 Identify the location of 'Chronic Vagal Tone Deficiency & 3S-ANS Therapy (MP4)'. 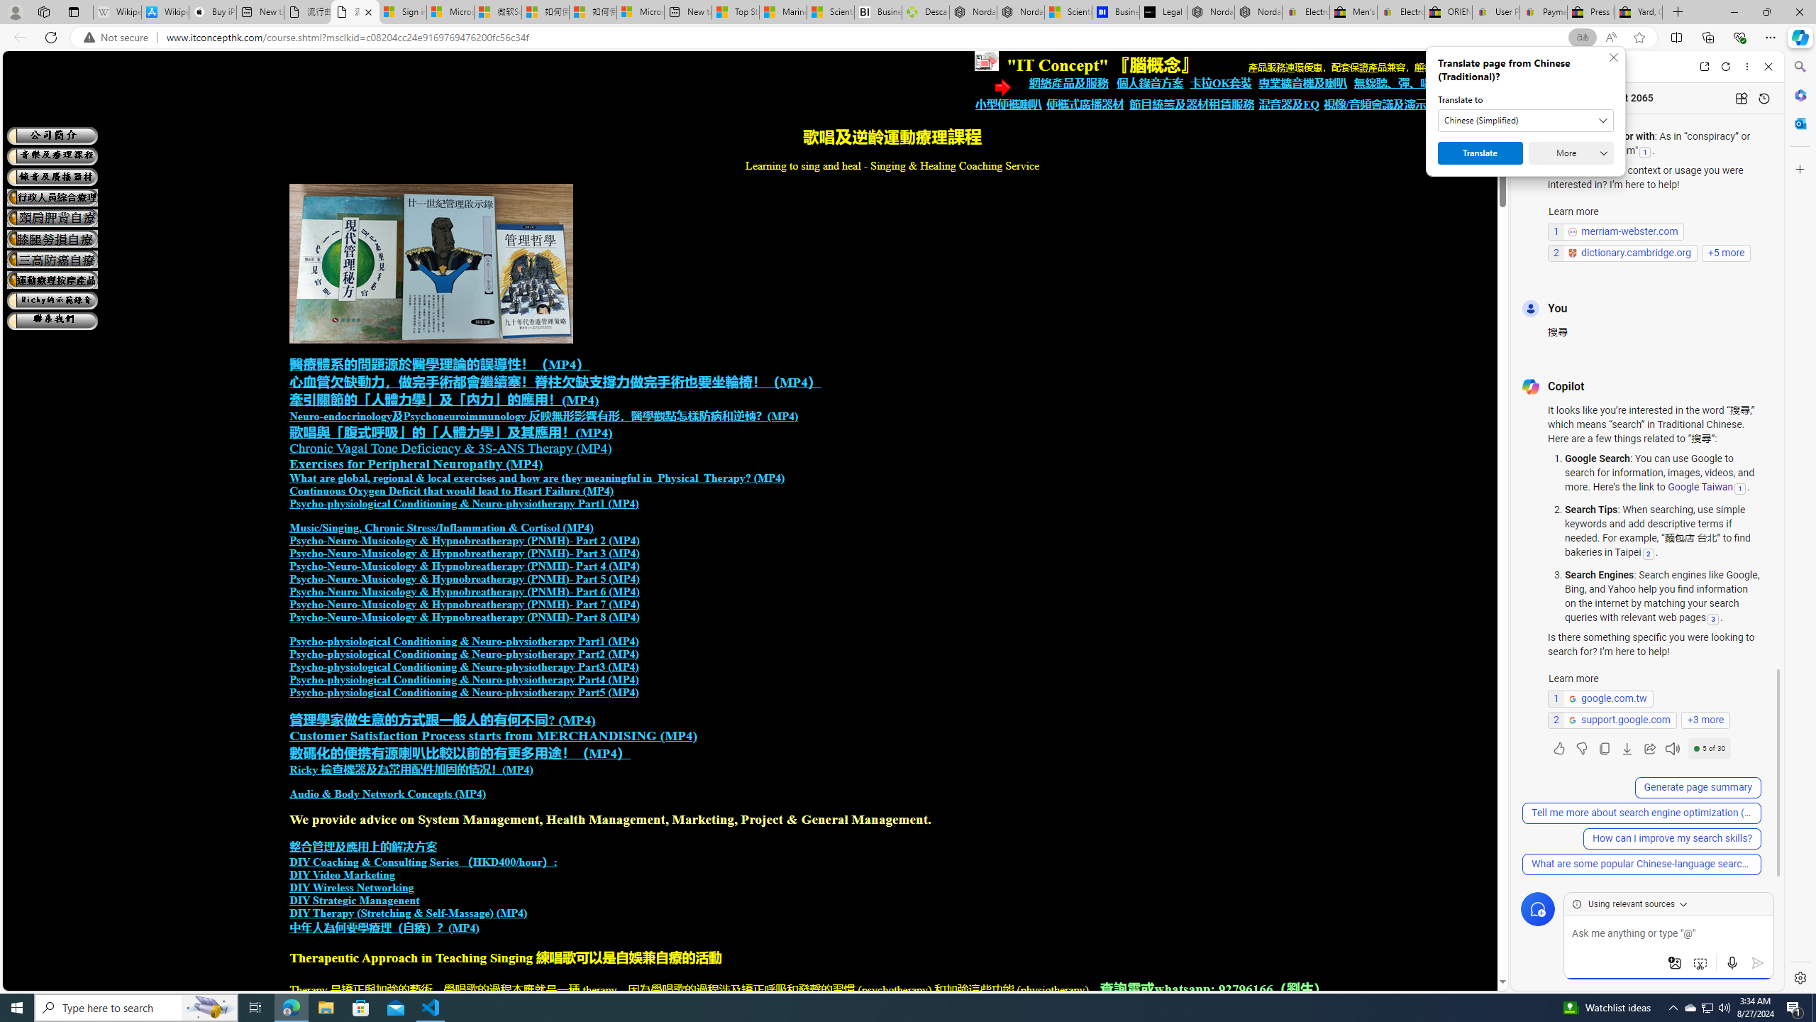
(449, 448).